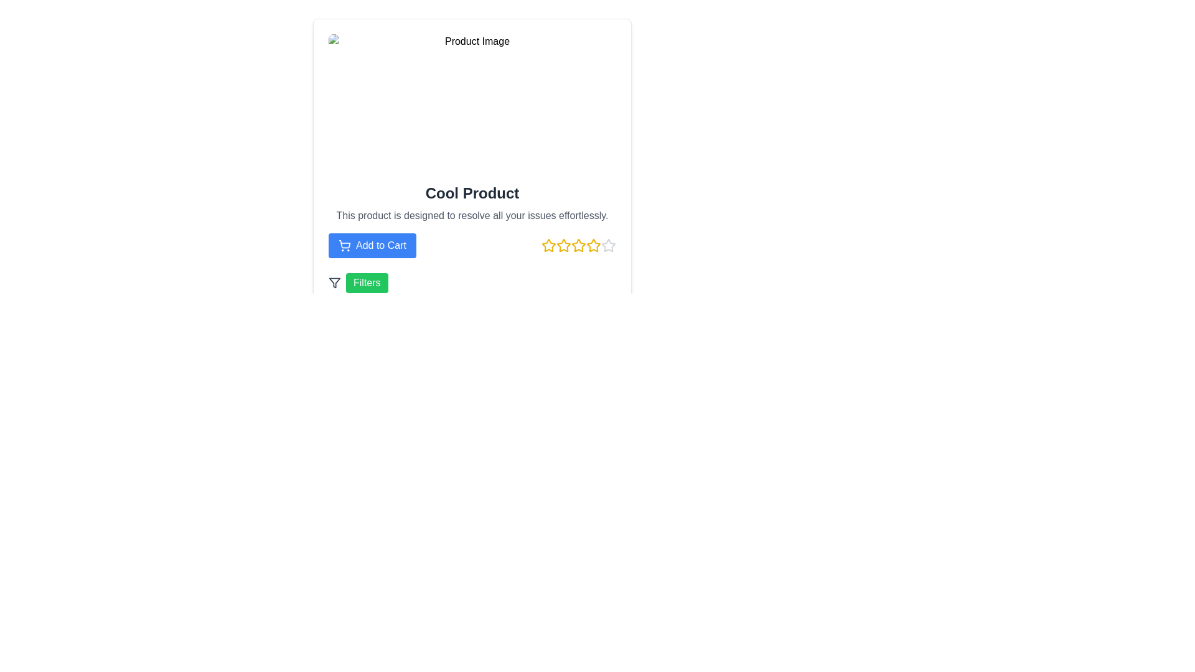 This screenshot has height=672, width=1195. I want to click on the shopping cart SVG icon located to the left of the 'Add to Cart' text in the button under the product description section, so click(344, 245).